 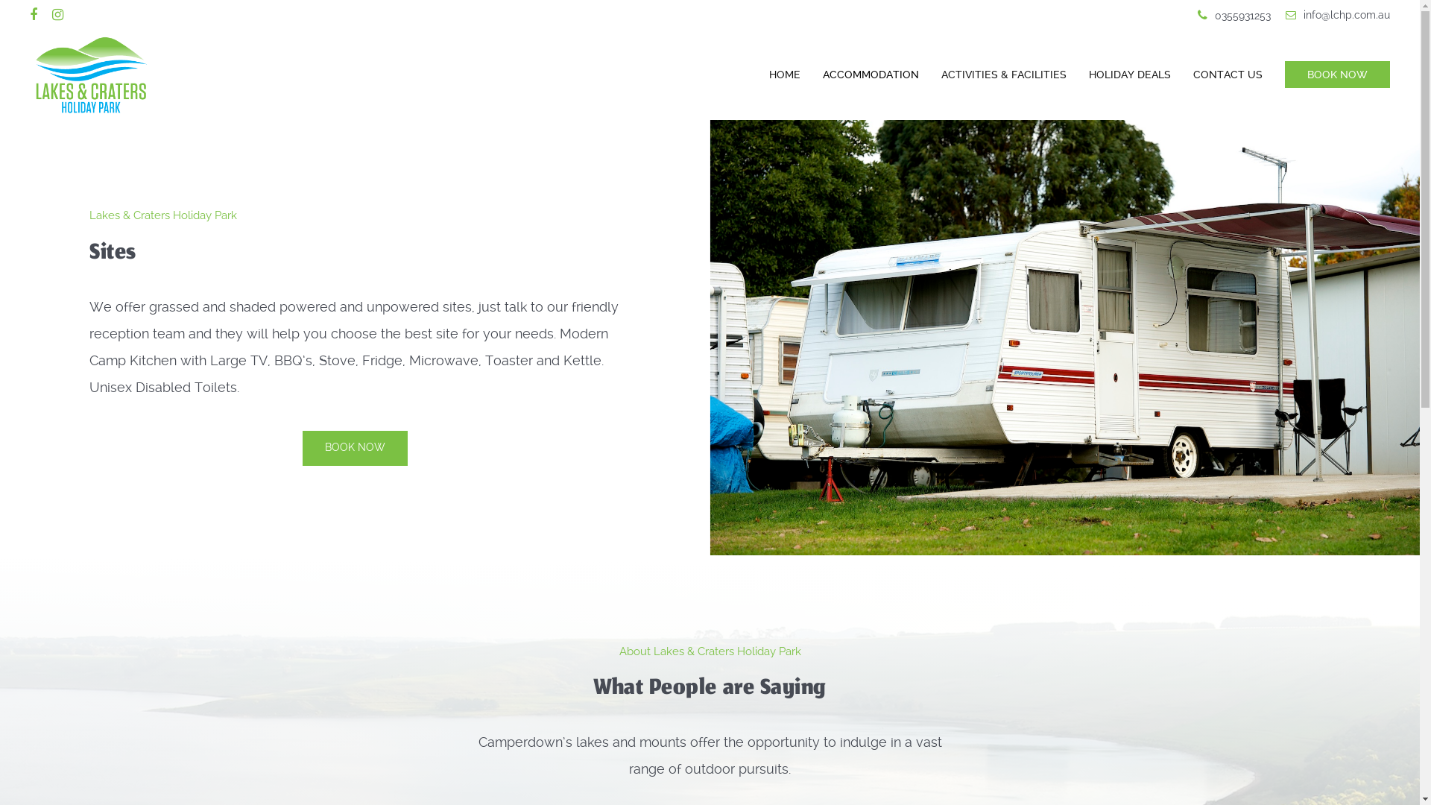 What do you see at coordinates (1077, 75) in the screenshot?
I see `'HOLIDAY DEALS'` at bounding box center [1077, 75].